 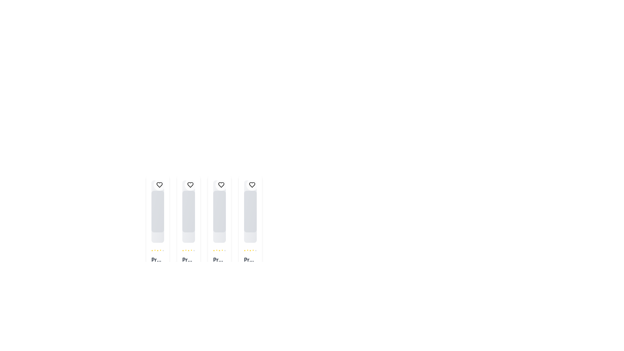 What do you see at coordinates (250, 250) in the screenshot?
I see `the displayed rating of the star rating element, which shows a 4-star rating out of 5, located at the bottom of the fourth product card in a horizontal sequence` at bounding box center [250, 250].